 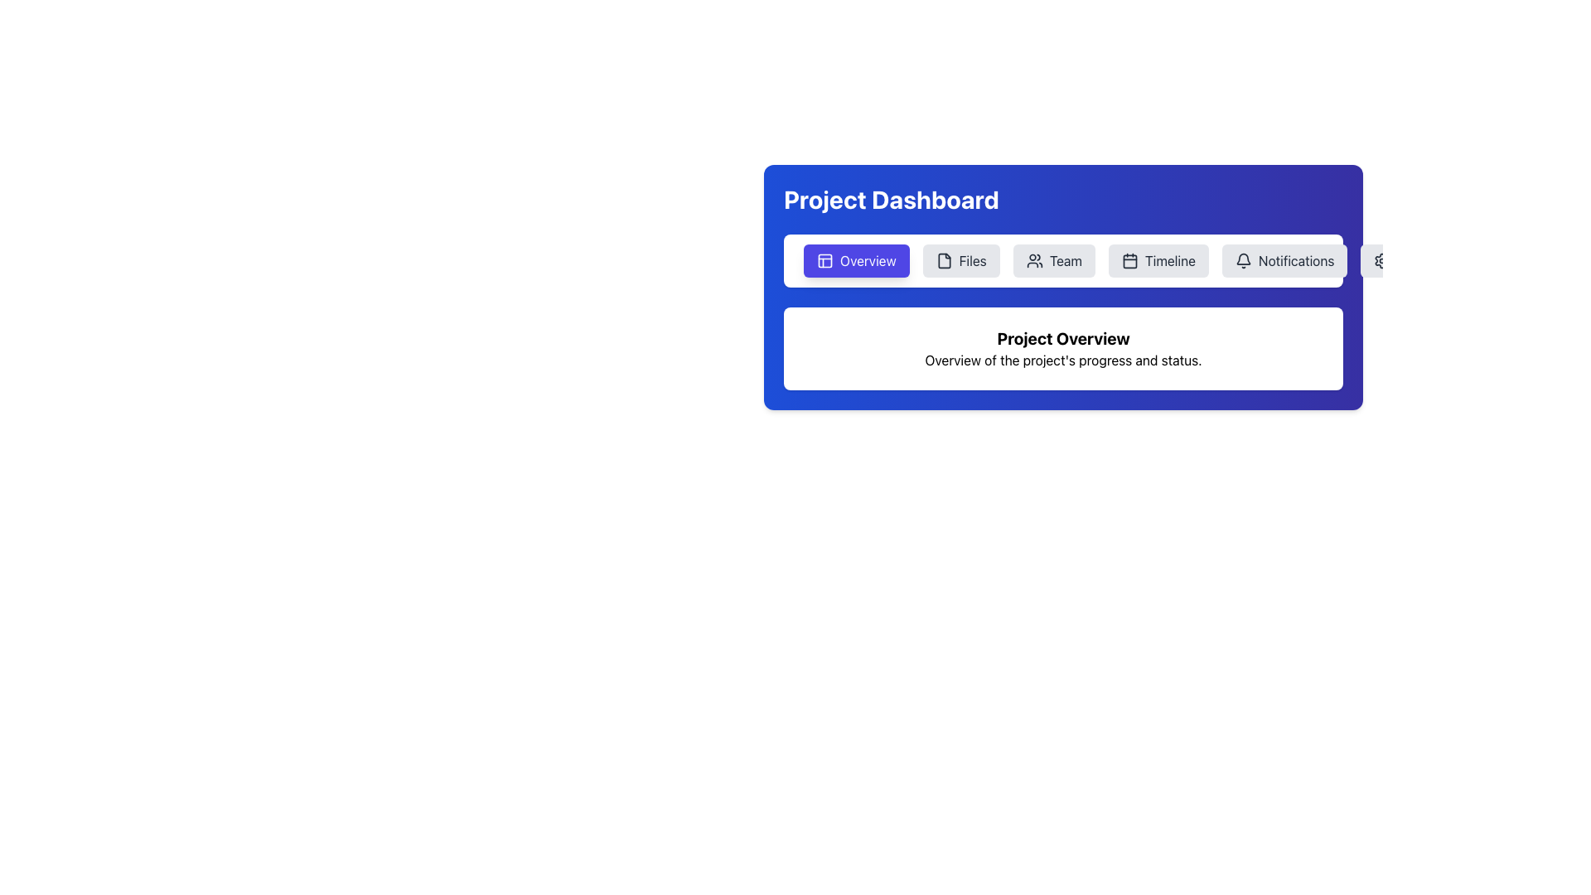 What do you see at coordinates (1158, 261) in the screenshot?
I see `the 'Timeline' button, which is a rectangular interactive area with a light gray background and a calendar icon on the left, located in the navigation bar between 'Team' and 'Notifications'` at bounding box center [1158, 261].